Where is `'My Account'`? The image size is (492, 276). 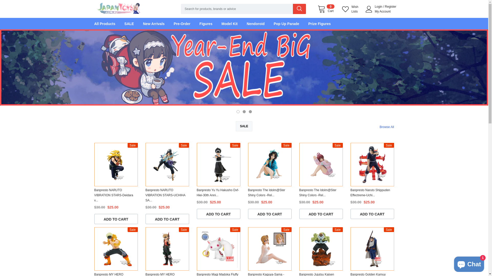
'My Account' is located at coordinates (382, 11).